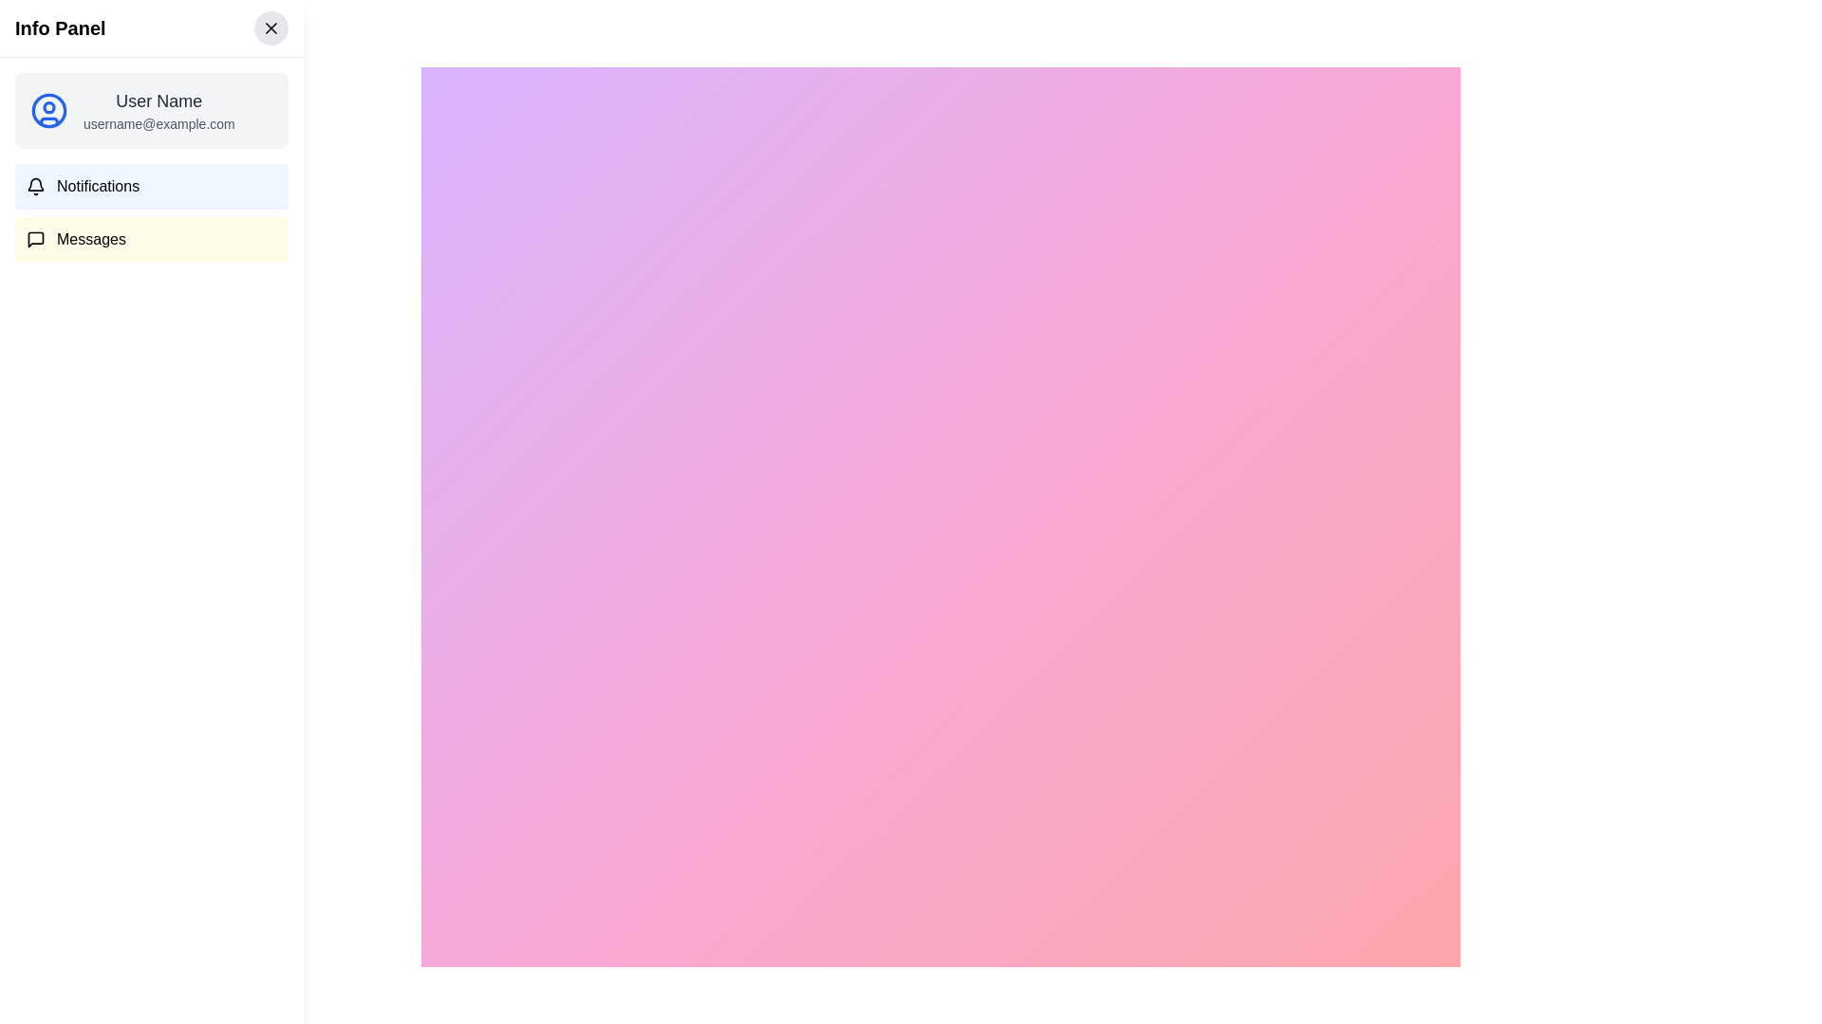 Image resolution: width=1822 pixels, height=1024 pixels. Describe the element at coordinates (36, 239) in the screenshot. I see `the 'Messages' icon located at the left-most position in the vertical menu, below the 'Notifications' entry` at that location.